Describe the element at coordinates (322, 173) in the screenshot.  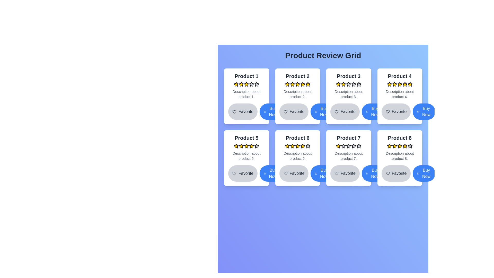
I see `the 'Buy Now' button, a rounded rectangular button with a blue background and white text, to initiate the purchase process` at that location.